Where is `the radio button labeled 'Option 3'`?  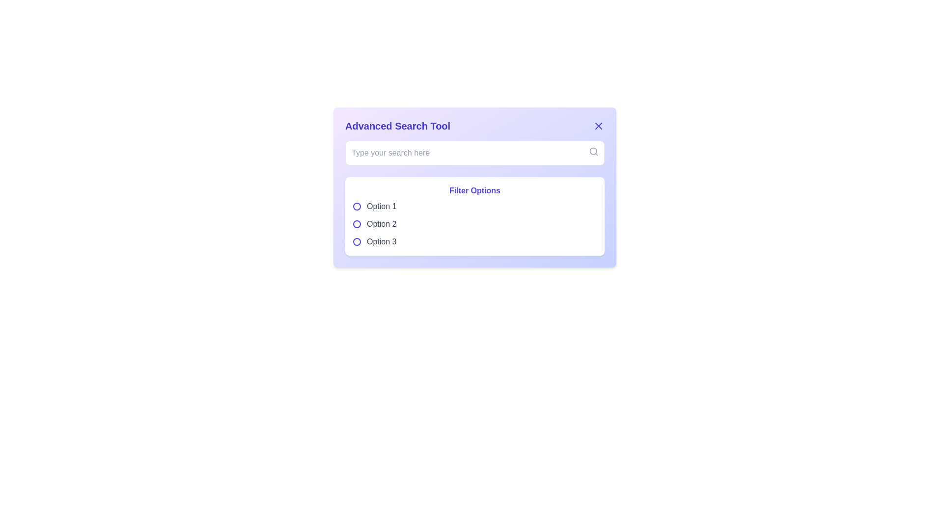
the radio button labeled 'Option 3' is located at coordinates (356, 242).